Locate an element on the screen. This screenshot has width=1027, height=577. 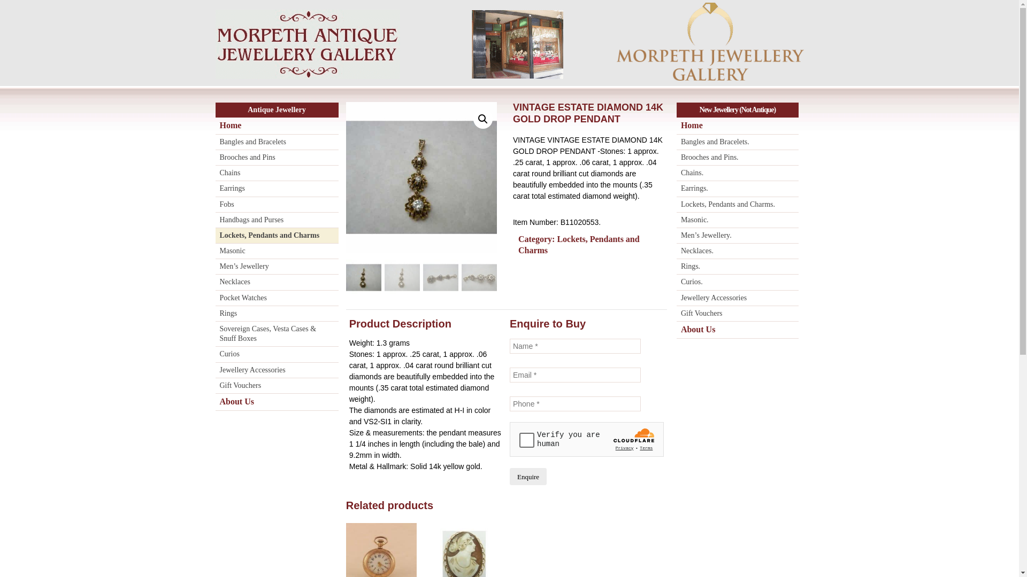
'Pocket Watches' is located at coordinates (277, 298).